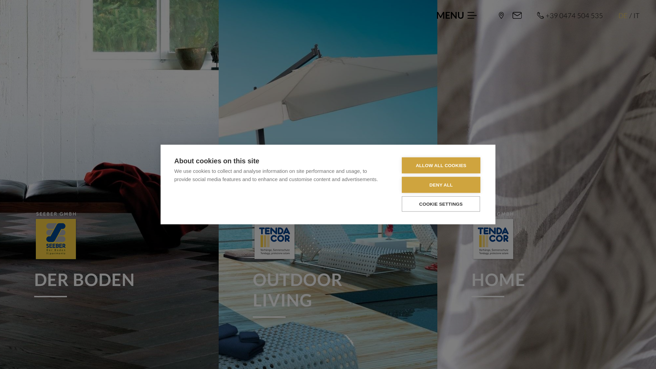 The width and height of the screenshot is (656, 369). Describe the element at coordinates (441, 203) in the screenshot. I see `'COOKIE SETTINGS'` at that location.